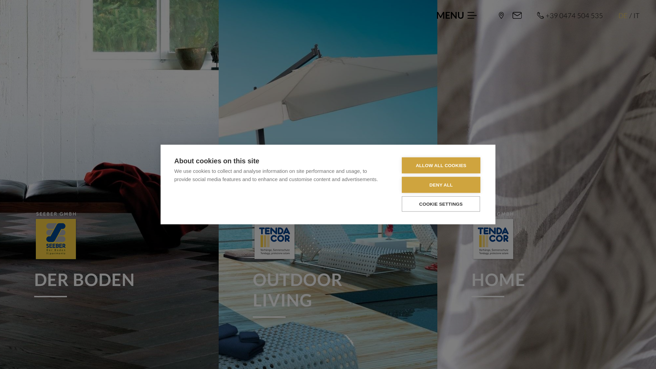 The width and height of the screenshot is (656, 369). Describe the element at coordinates (441, 203) in the screenshot. I see `'COOKIE SETTINGS'` at that location.